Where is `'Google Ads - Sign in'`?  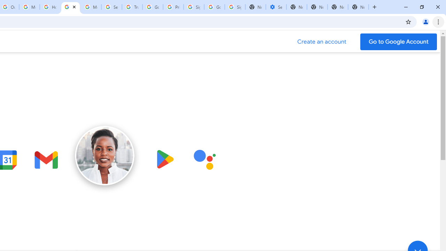
'Google Ads - Sign in' is located at coordinates (152, 7).